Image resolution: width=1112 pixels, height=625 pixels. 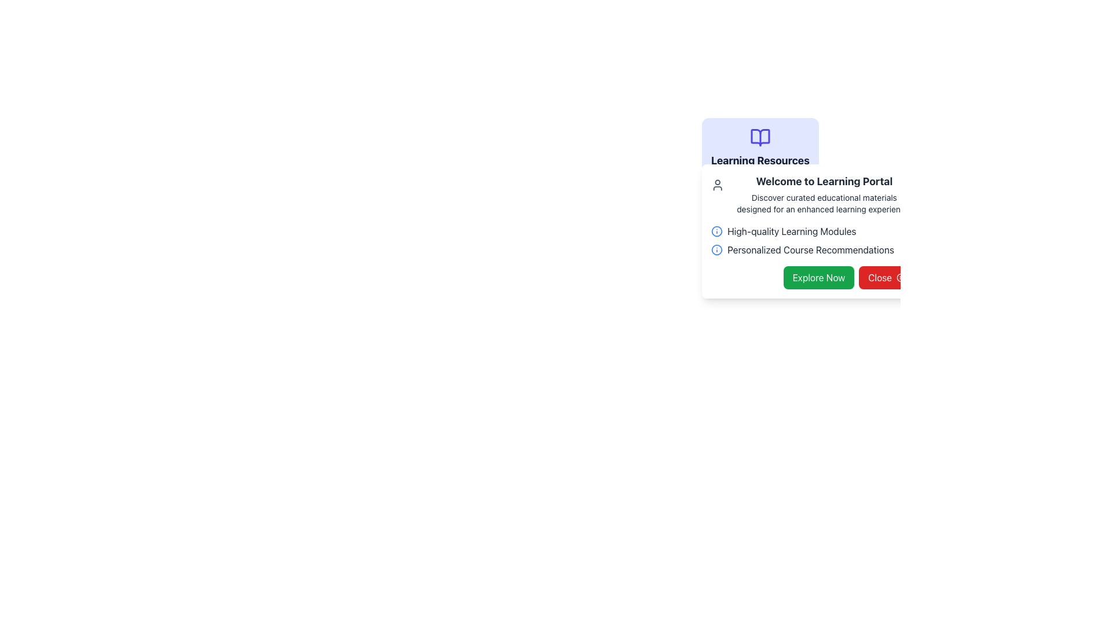 What do you see at coordinates (824, 181) in the screenshot?
I see `bold header text 'Welcome to Learning Portal' which is visually prominent and located below the title 'Learning Resources'` at bounding box center [824, 181].